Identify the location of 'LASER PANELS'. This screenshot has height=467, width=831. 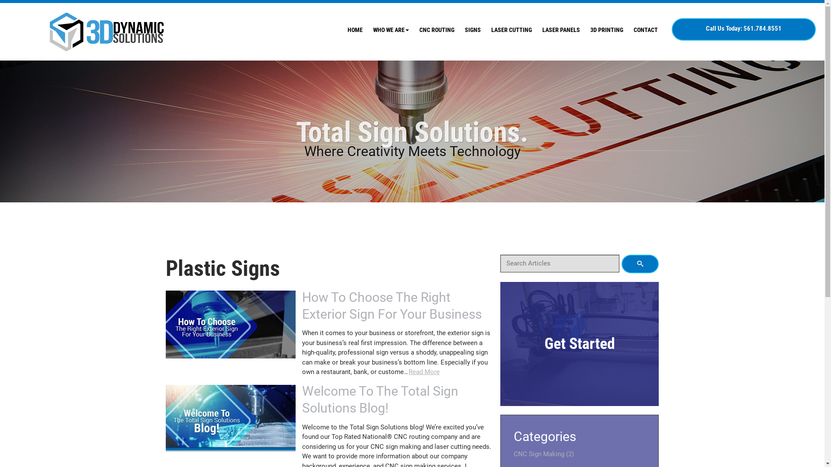
(561, 29).